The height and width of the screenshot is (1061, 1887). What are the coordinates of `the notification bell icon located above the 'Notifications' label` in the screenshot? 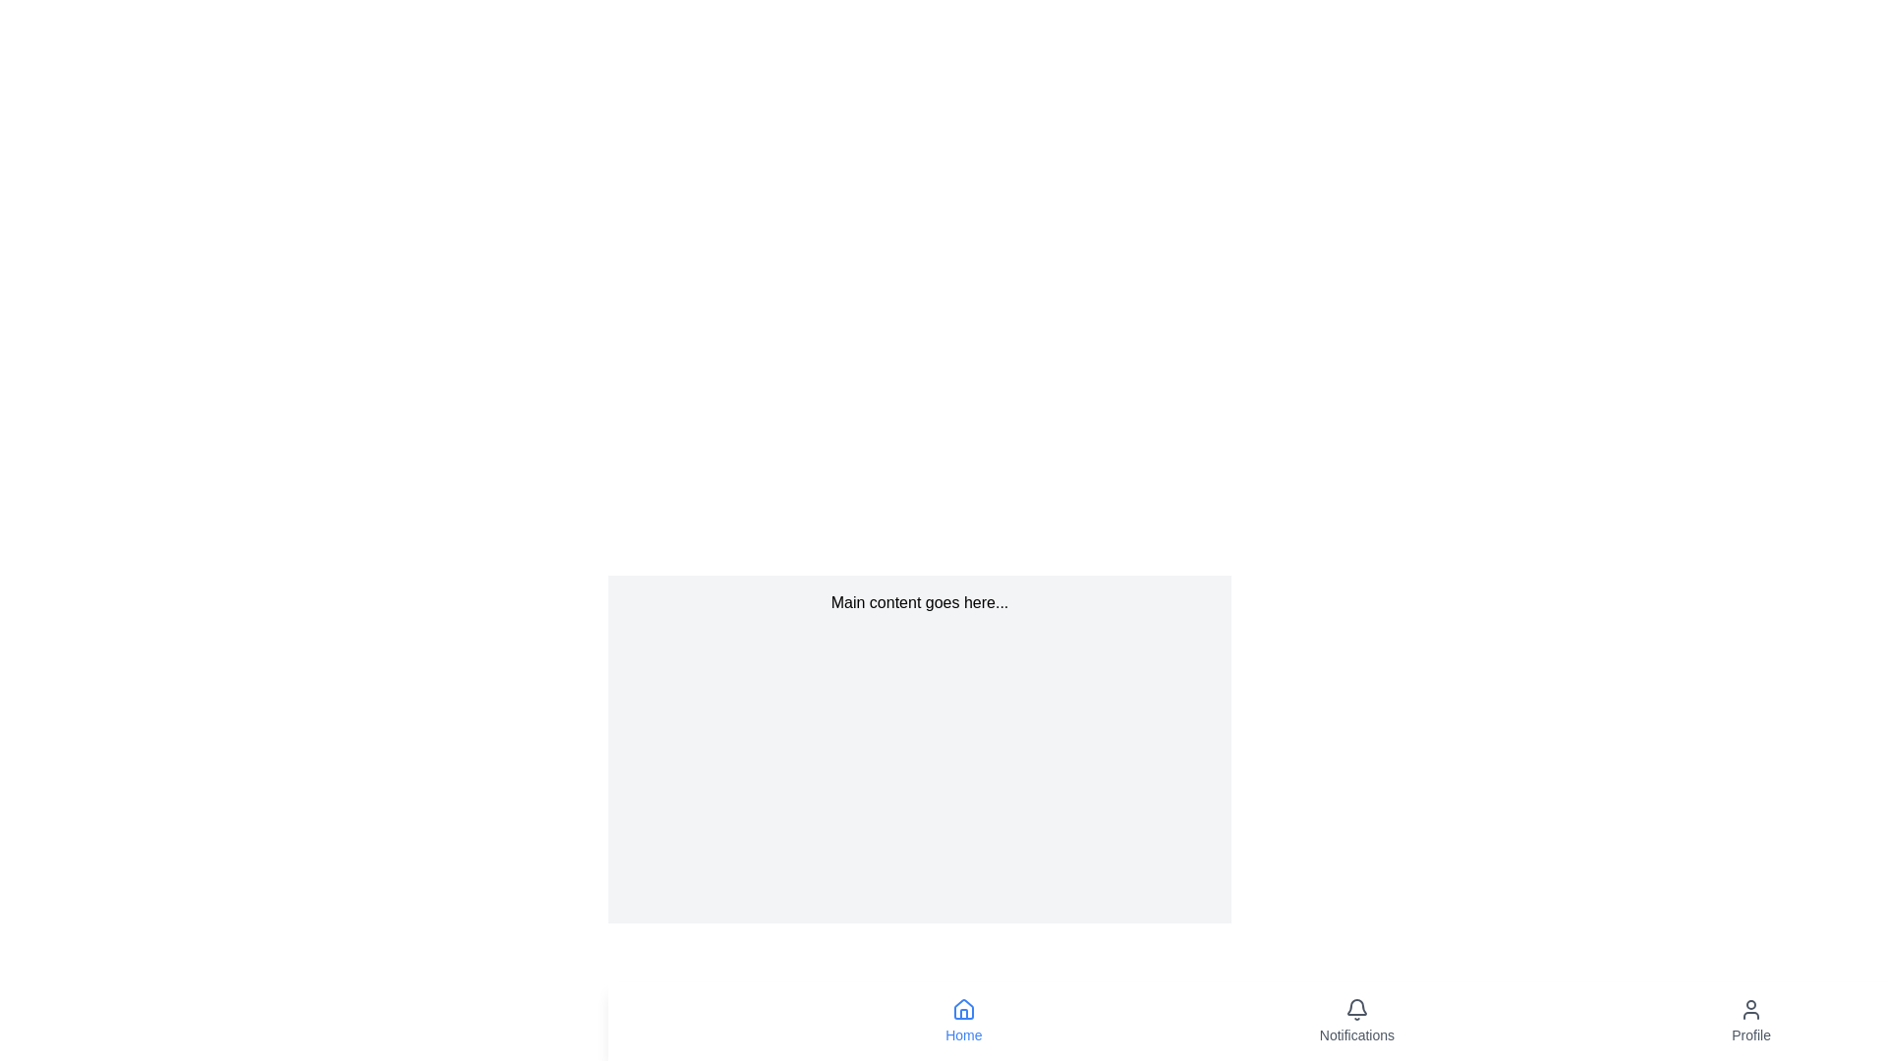 It's located at (1355, 1010).